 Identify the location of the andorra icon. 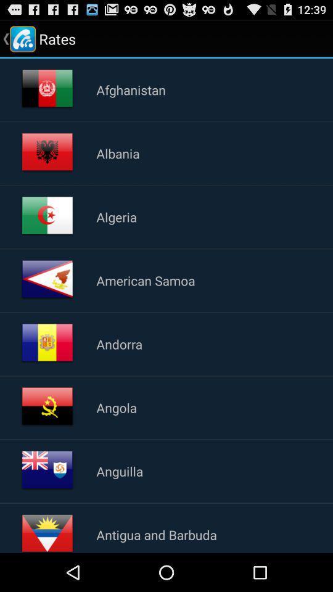
(119, 344).